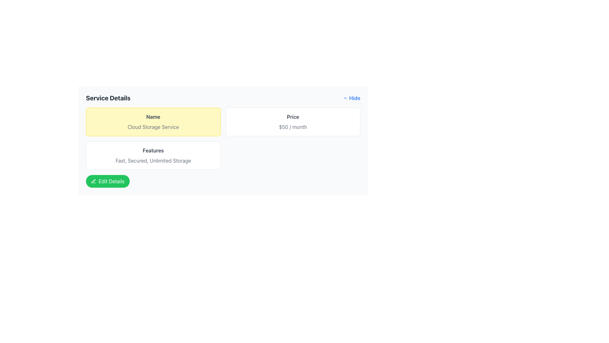 Image resolution: width=609 pixels, height=343 pixels. I want to click on the pen icon located on the left side of the 'Edit Details' button, so click(93, 181).